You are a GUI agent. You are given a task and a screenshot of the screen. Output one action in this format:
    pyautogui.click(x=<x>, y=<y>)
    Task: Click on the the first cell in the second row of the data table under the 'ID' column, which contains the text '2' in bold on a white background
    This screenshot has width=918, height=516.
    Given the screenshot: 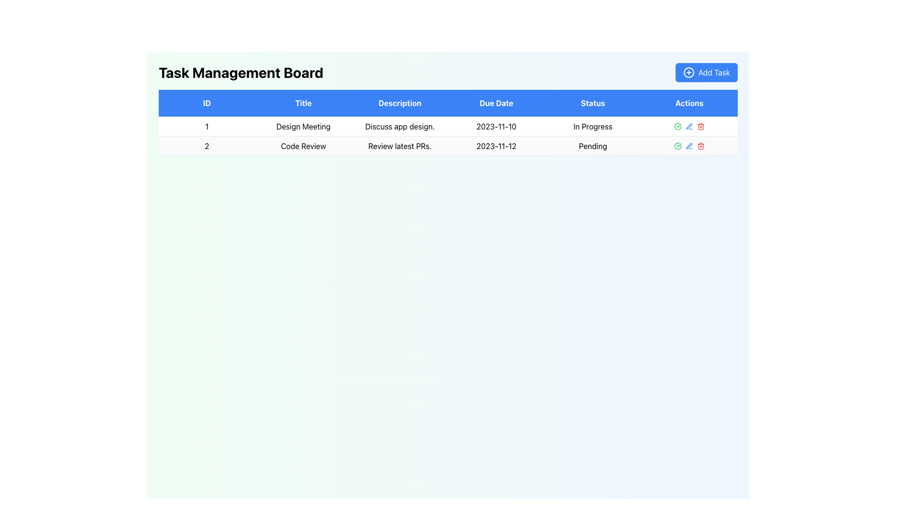 What is the action you would take?
    pyautogui.click(x=206, y=146)
    